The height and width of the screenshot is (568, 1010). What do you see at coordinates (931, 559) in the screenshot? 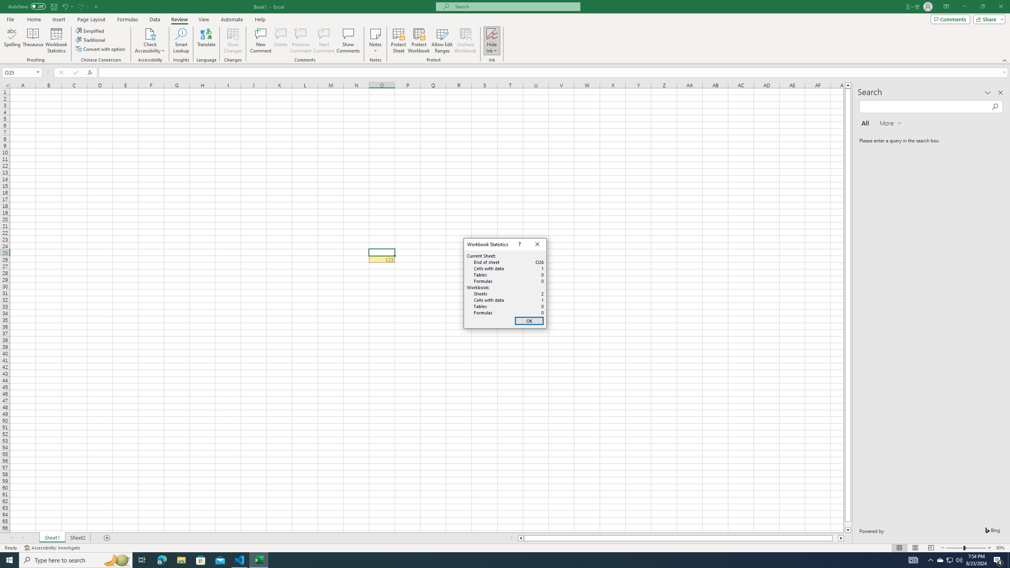
I see `'Notification Chevron'` at bounding box center [931, 559].